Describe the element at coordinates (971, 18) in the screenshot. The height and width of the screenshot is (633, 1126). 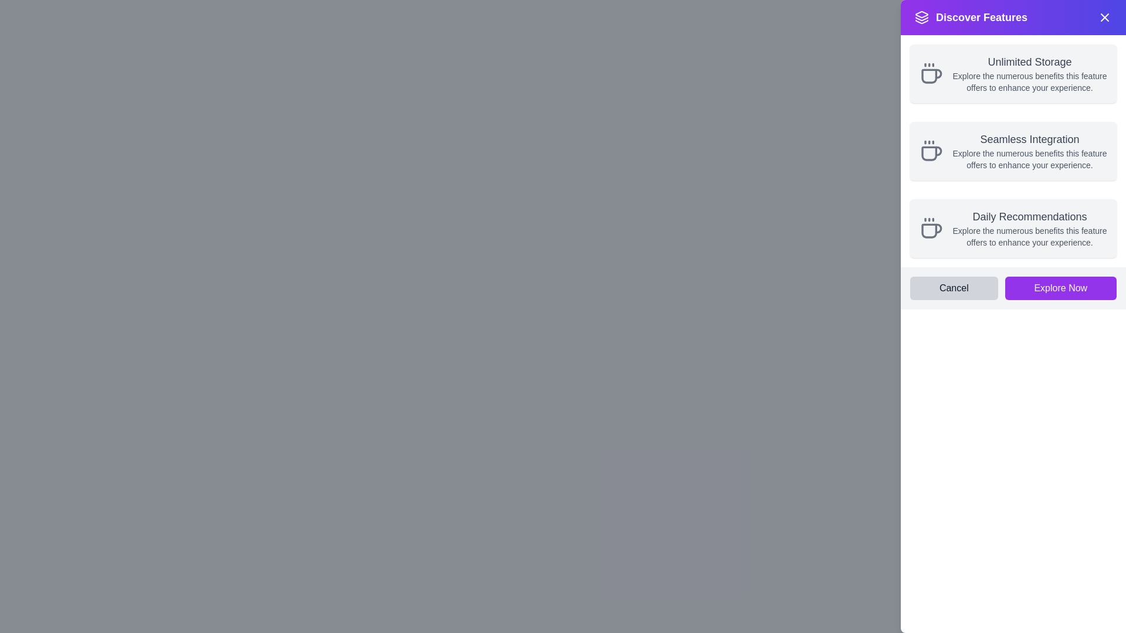
I see `the heading element that features an icon depicting stack-like layers and the text 'Discover Features', located at the top of the modal window` at that location.